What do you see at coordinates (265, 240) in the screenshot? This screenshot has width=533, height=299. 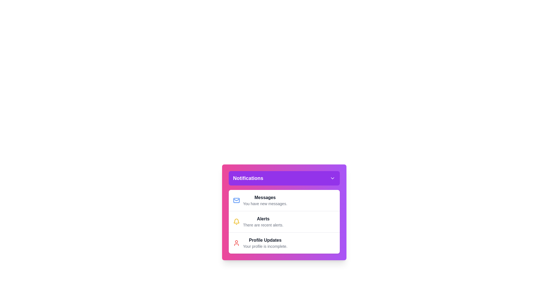 I see `the Text label that indicates 'Profile Updates' in the notification panel, which is located in the bottommost list item beneath 'Alerts'` at bounding box center [265, 240].